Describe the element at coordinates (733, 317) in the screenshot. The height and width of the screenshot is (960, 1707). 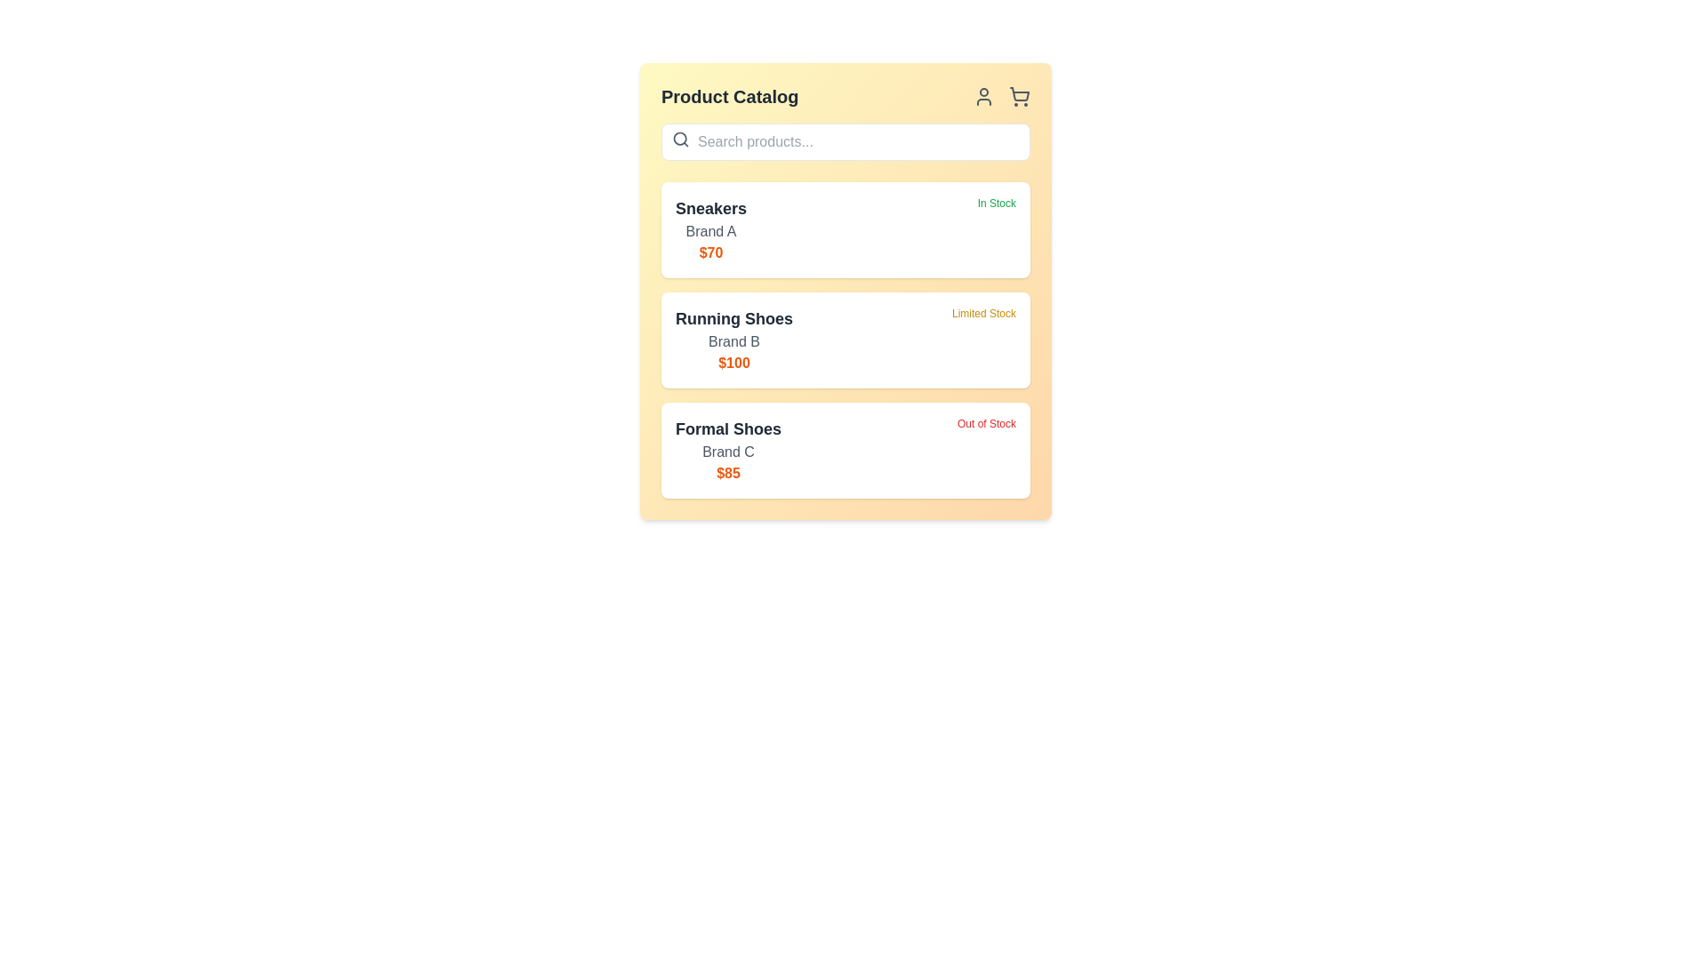
I see `the static text label displaying the product name 'Running Shoes', which is styled in bold, dark gray text against a light background, located near the center of the product card in the second row of the product listing` at that location.